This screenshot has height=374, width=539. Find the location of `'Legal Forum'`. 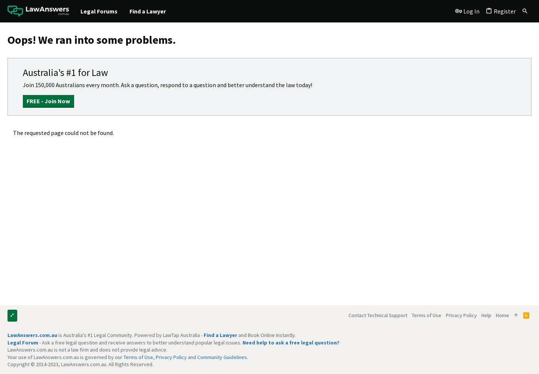

'Legal Forum' is located at coordinates (23, 342).